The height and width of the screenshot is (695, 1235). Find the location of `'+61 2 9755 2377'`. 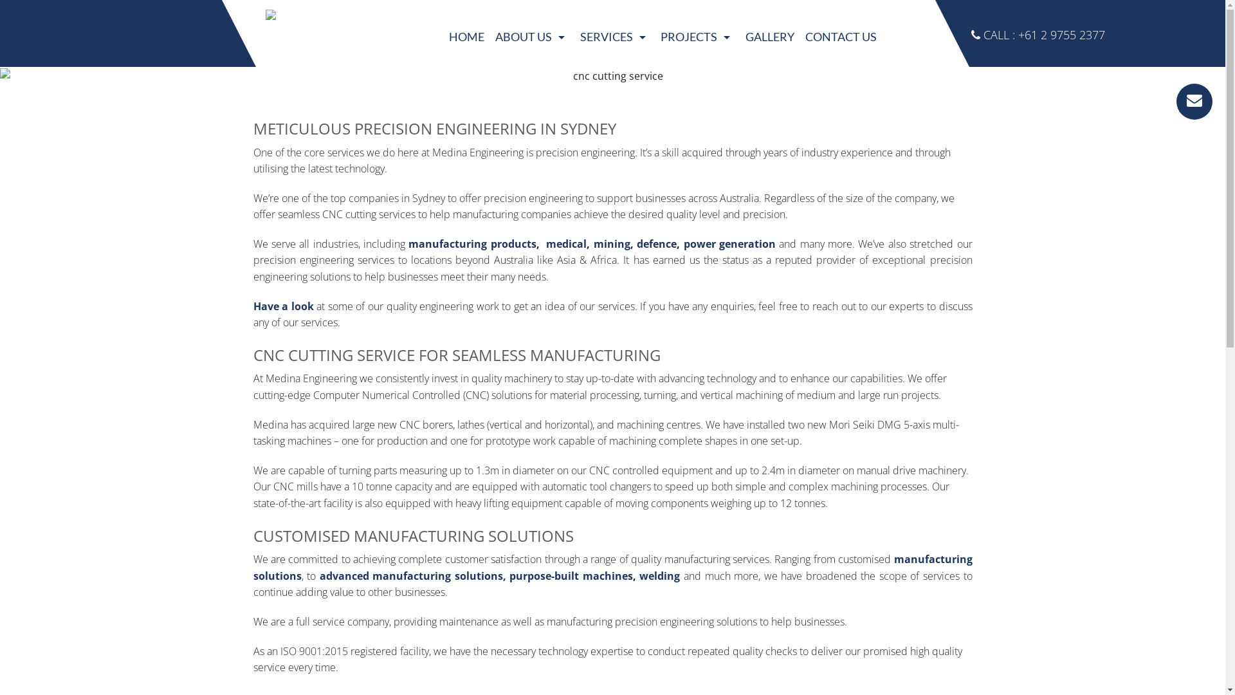

'+61 2 9755 2377' is located at coordinates (1061, 34).